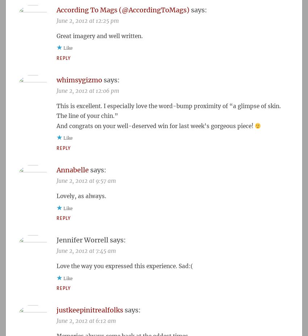 This screenshot has height=336, width=308. What do you see at coordinates (88, 90) in the screenshot?
I see `'June 2, 2012 at 12:06 pm'` at bounding box center [88, 90].